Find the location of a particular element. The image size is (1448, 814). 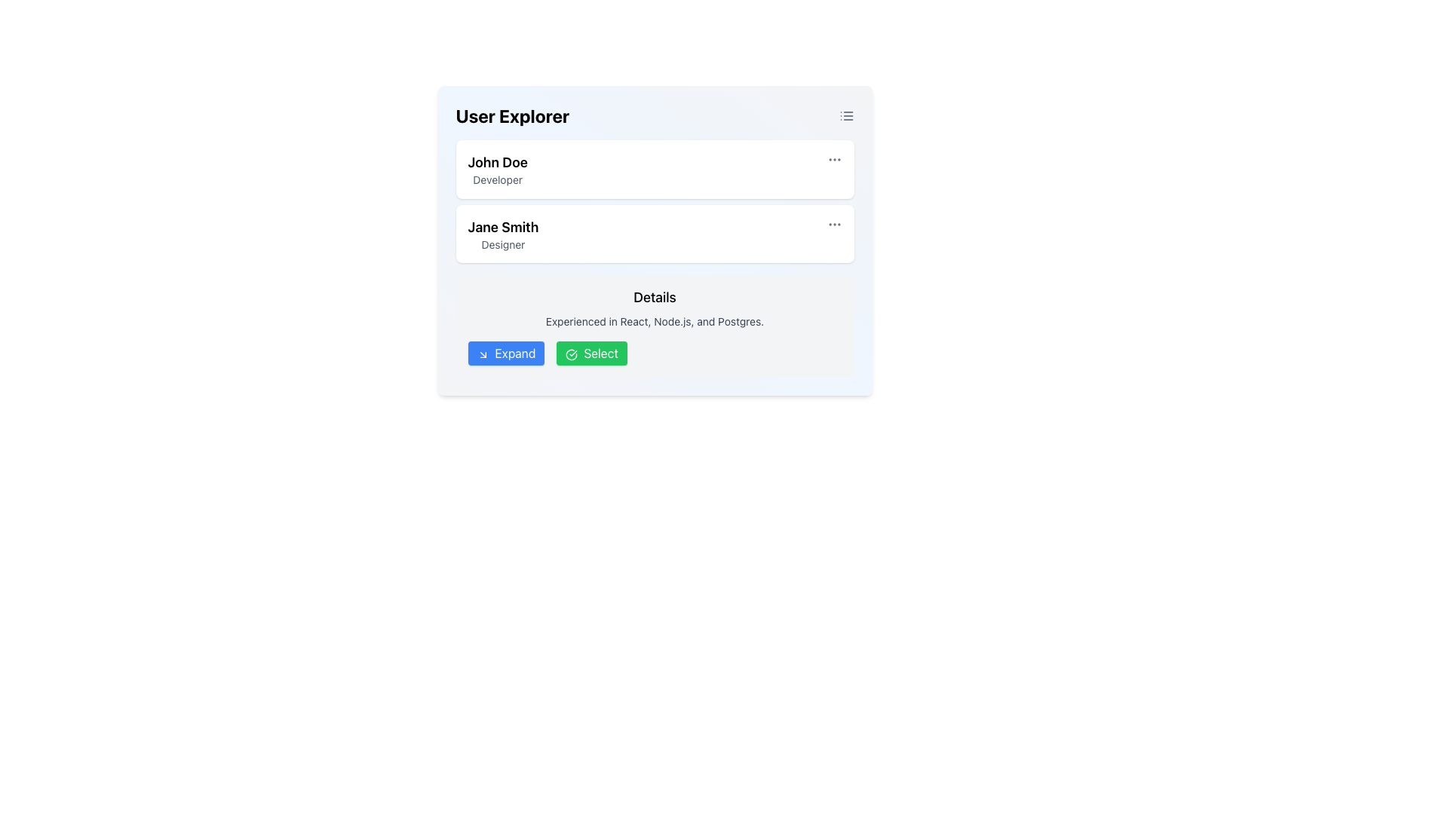

text label providing the designation or role of the user 'John Doe', which is located below the name 'John Doe' in the user information section is located at coordinates (498, 179).